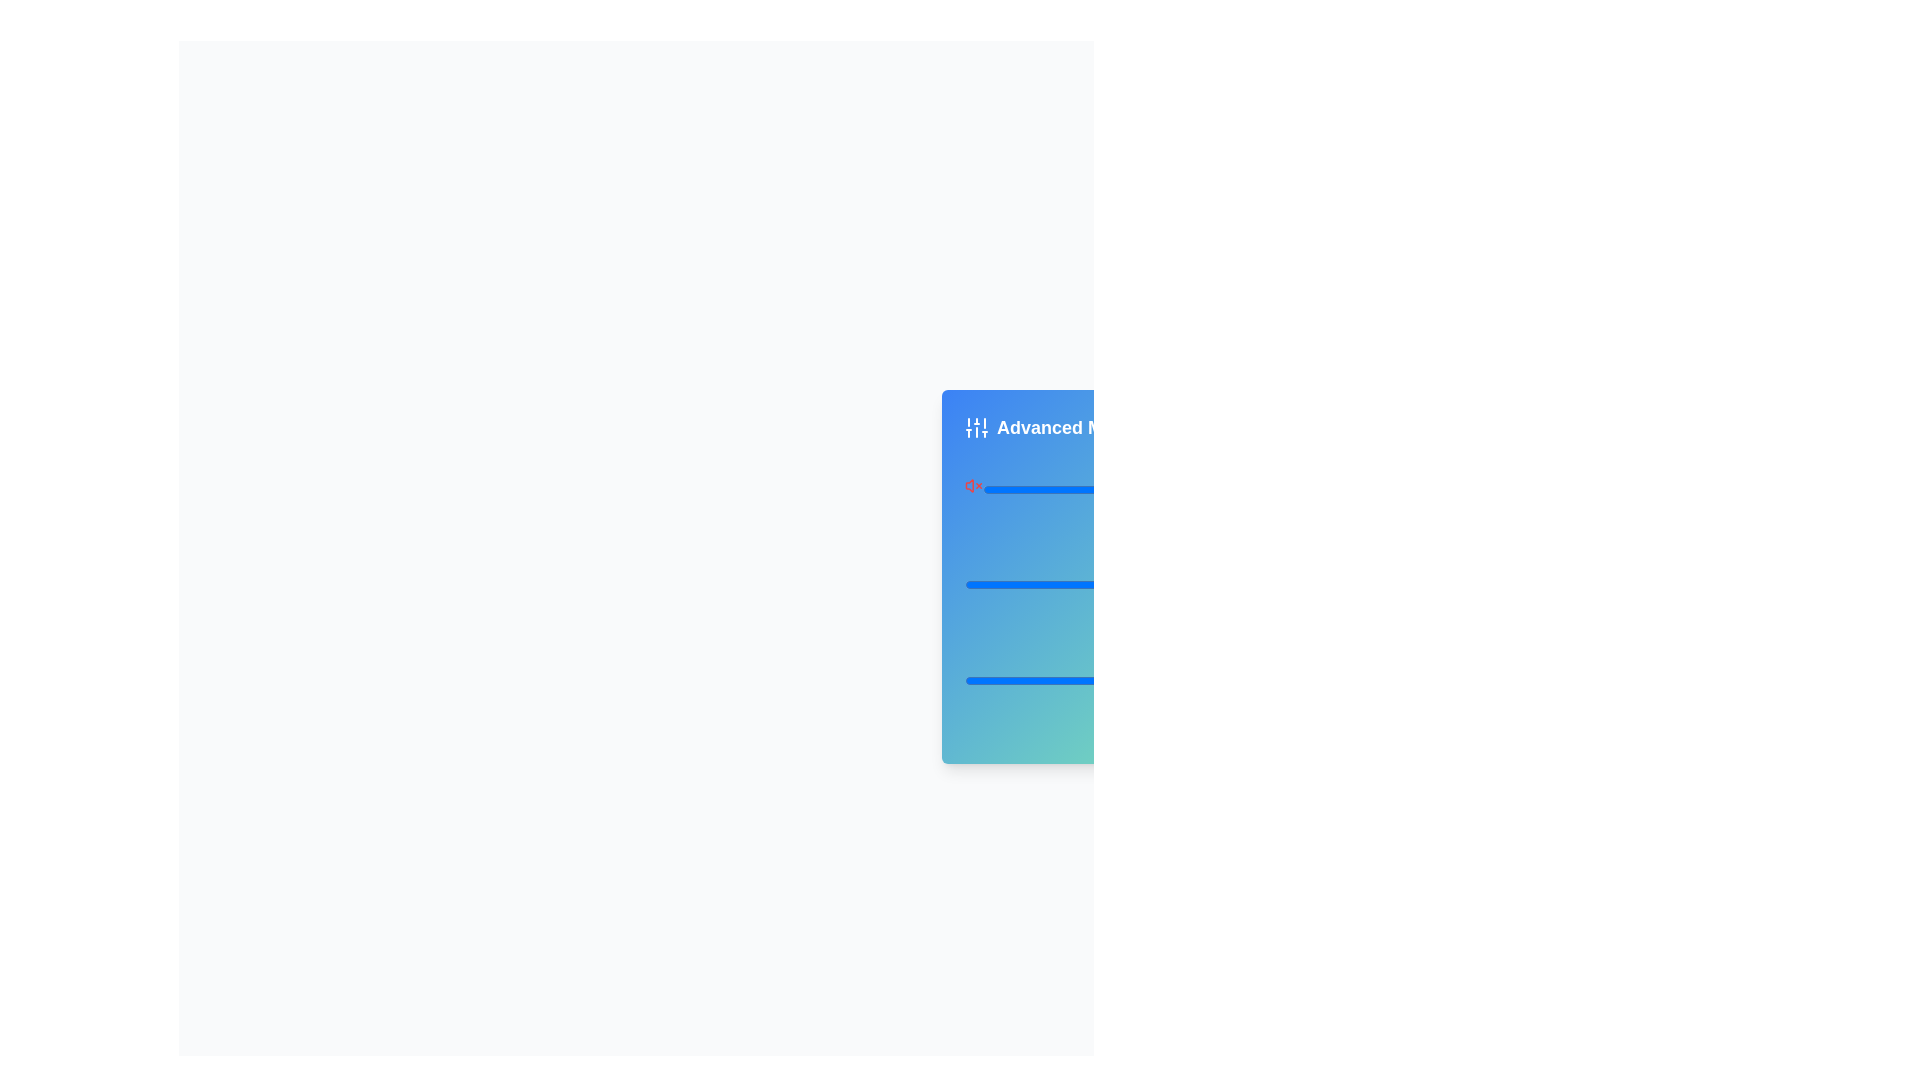 The height and width of the screenshot is (1073, 1907). I want to click on the slider, so click(1032, 680).